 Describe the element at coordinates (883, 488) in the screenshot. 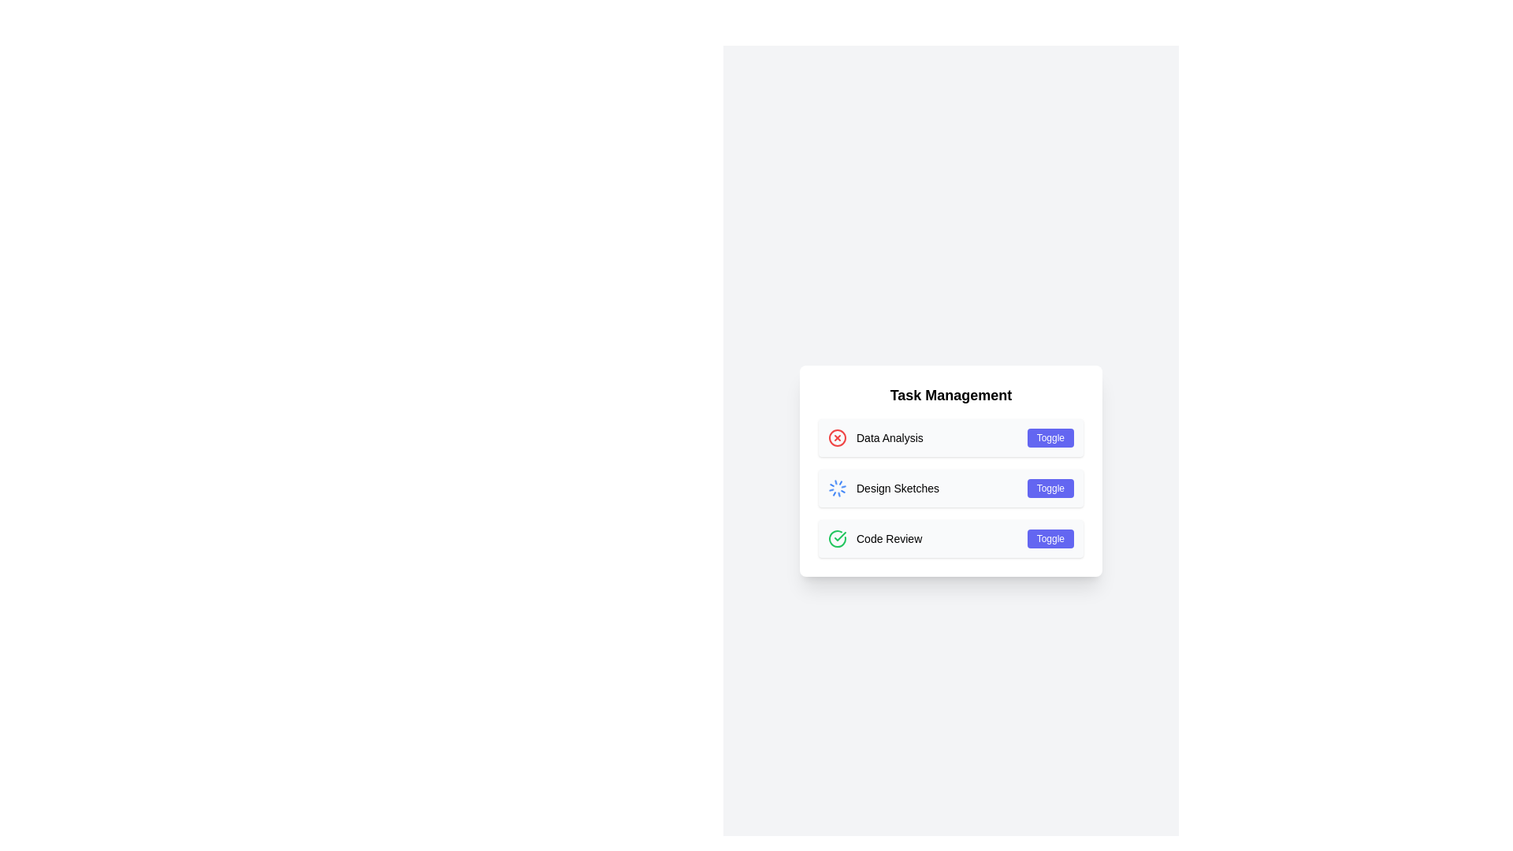

I see `the 'Design Sketches' text label with icon, which is the second item in the task management list located between 'Data Analysis' and 'Code Review'` at that location.